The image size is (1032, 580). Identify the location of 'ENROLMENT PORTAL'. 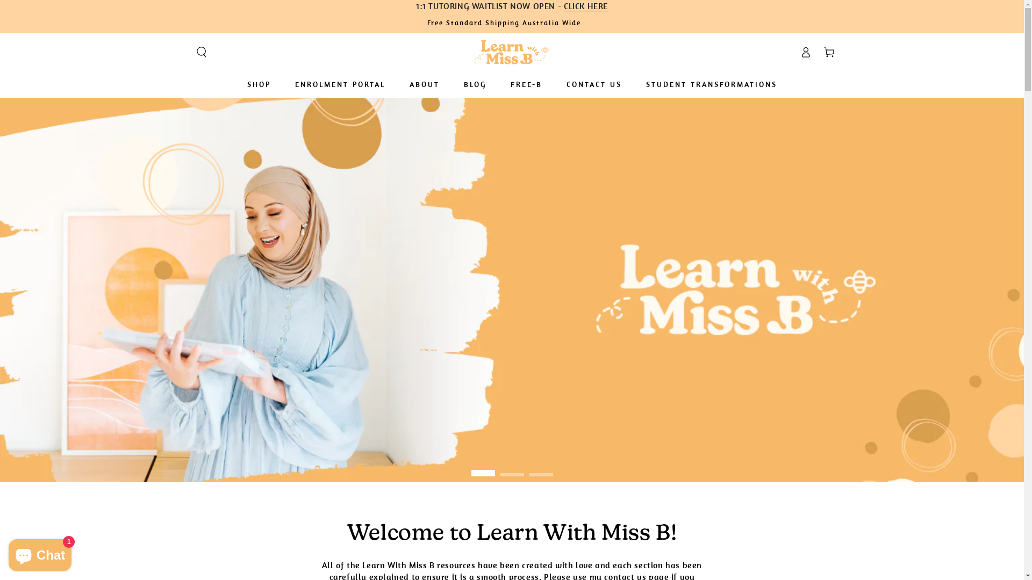
(340, 84).